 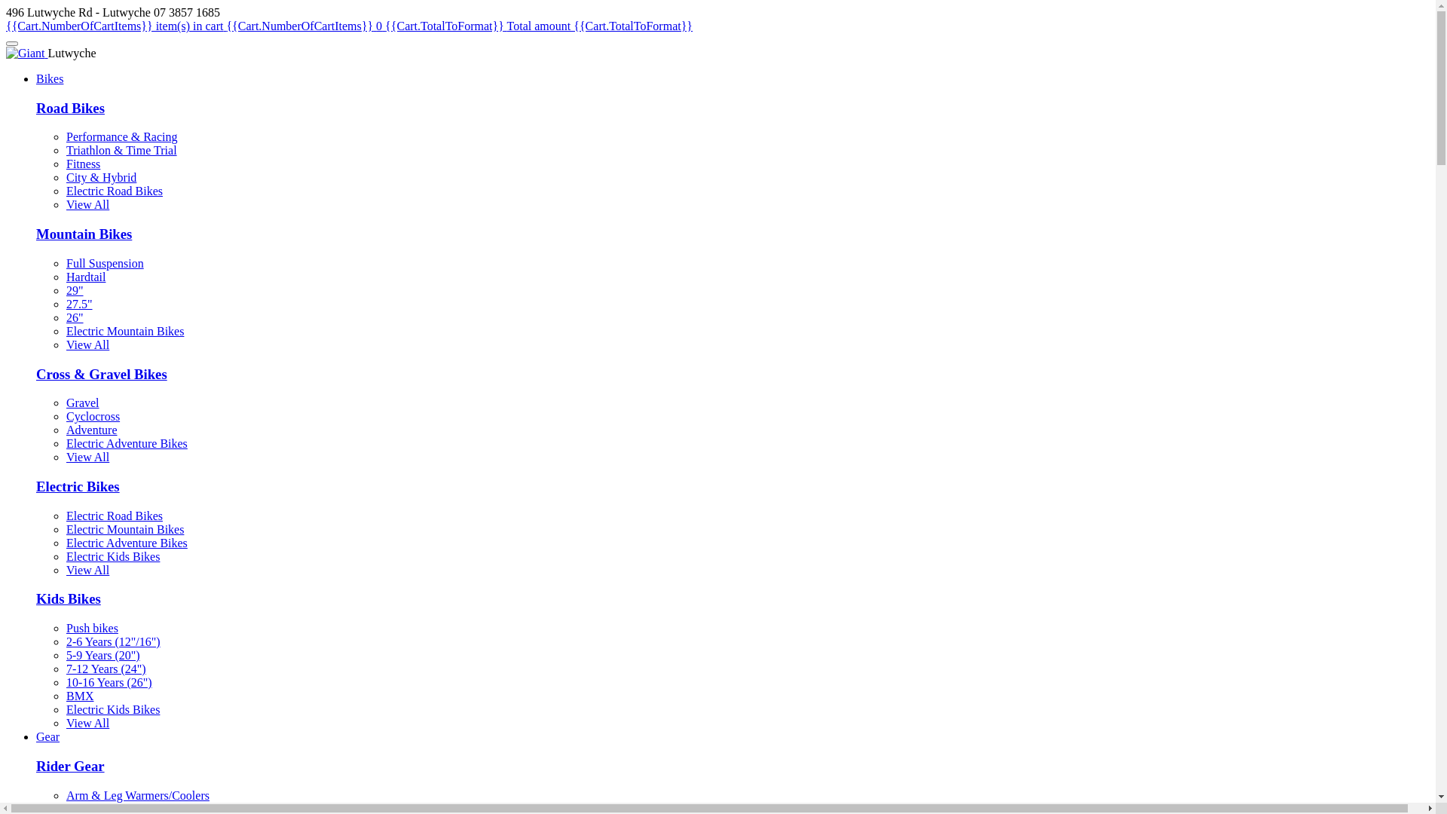 I want to click on 'Electric Kids Bikes', so click(x=65, y=556).